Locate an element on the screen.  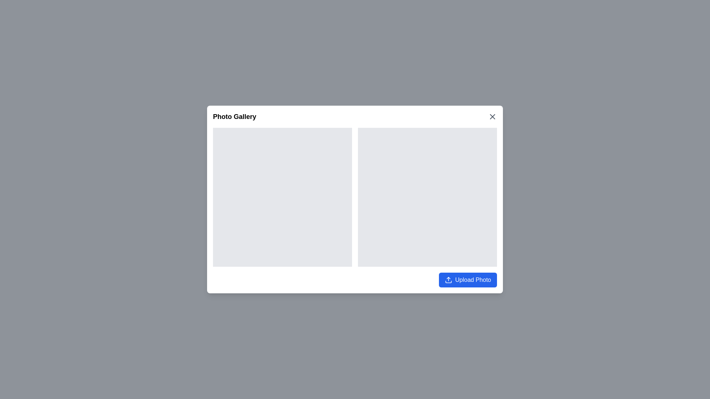
the close button located at the top-right corner of the white window is located at coordinates (492, 116).